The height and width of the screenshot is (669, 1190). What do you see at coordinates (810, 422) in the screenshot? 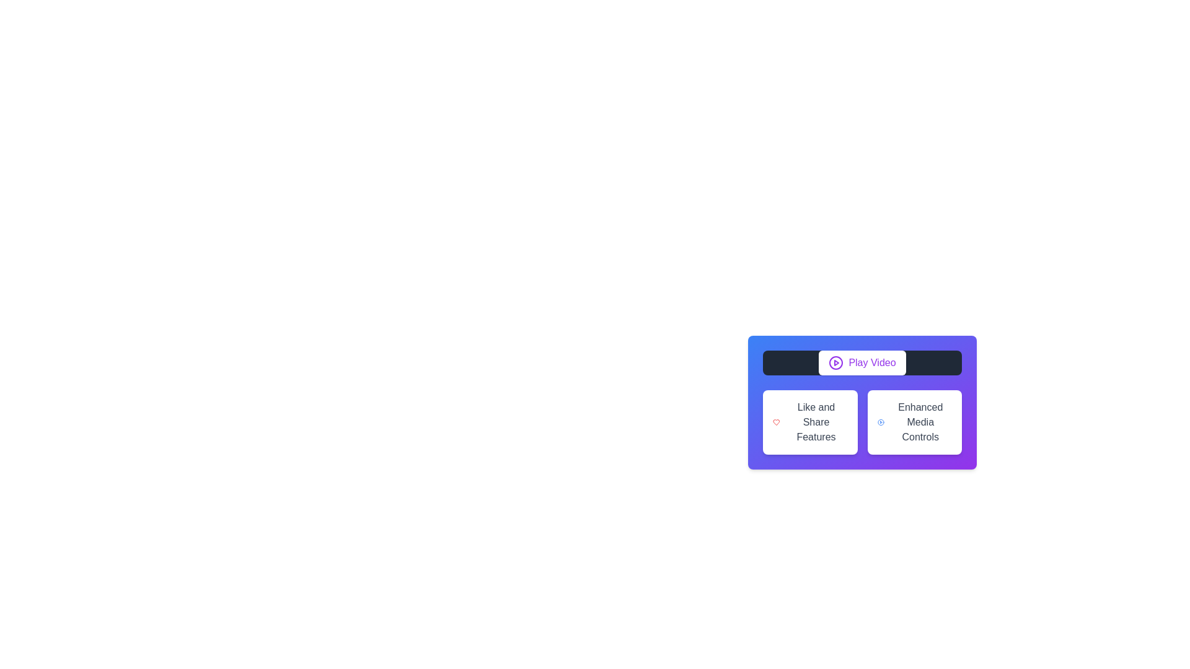
I see `the informational card representing 'Like and Share Features' located in the second section of the interface, to the left of two similar cards, below the 'Play Video' button` at bounding box center [810, 422].